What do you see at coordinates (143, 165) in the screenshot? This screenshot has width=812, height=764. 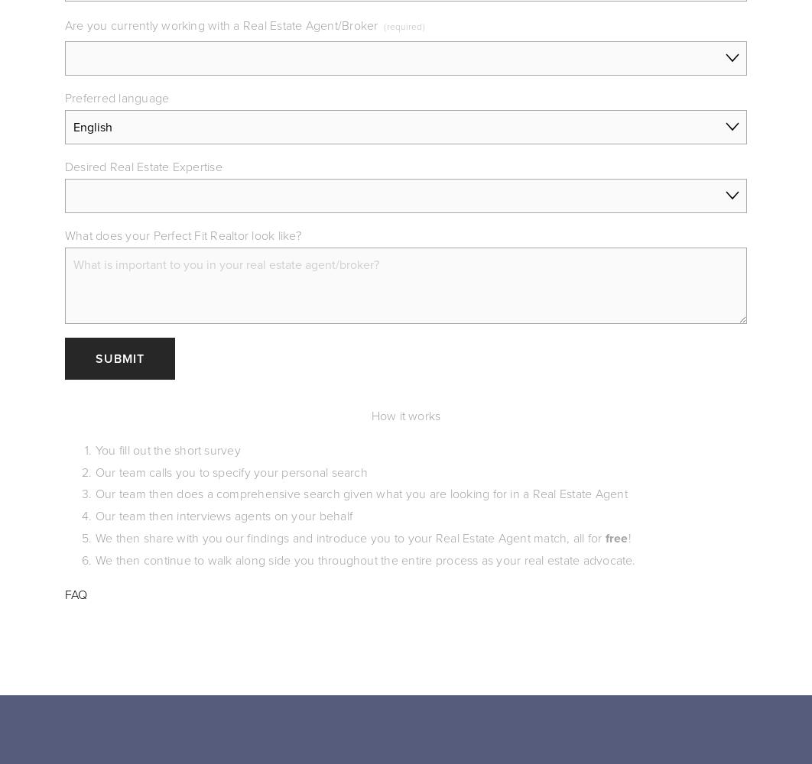 I see `'Desired Real Estate Expertise'` at bounding box center [143, 165].